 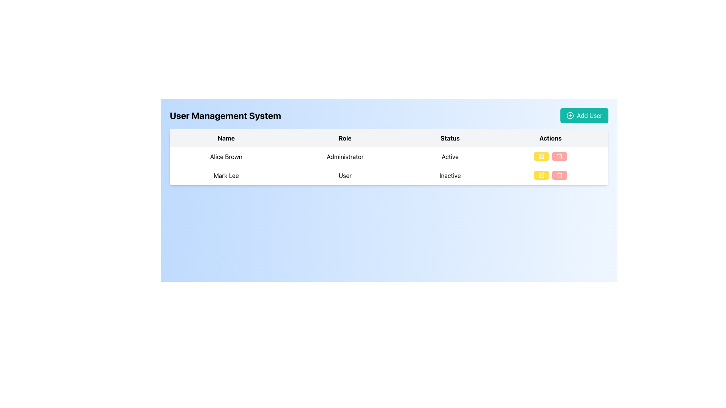 I want to click on the trash bin icon with a red background in the 'Actions' column of the User Management System table, aligned with the 'Administrator' row to initiate the delete action, so click(x=559, y=156).